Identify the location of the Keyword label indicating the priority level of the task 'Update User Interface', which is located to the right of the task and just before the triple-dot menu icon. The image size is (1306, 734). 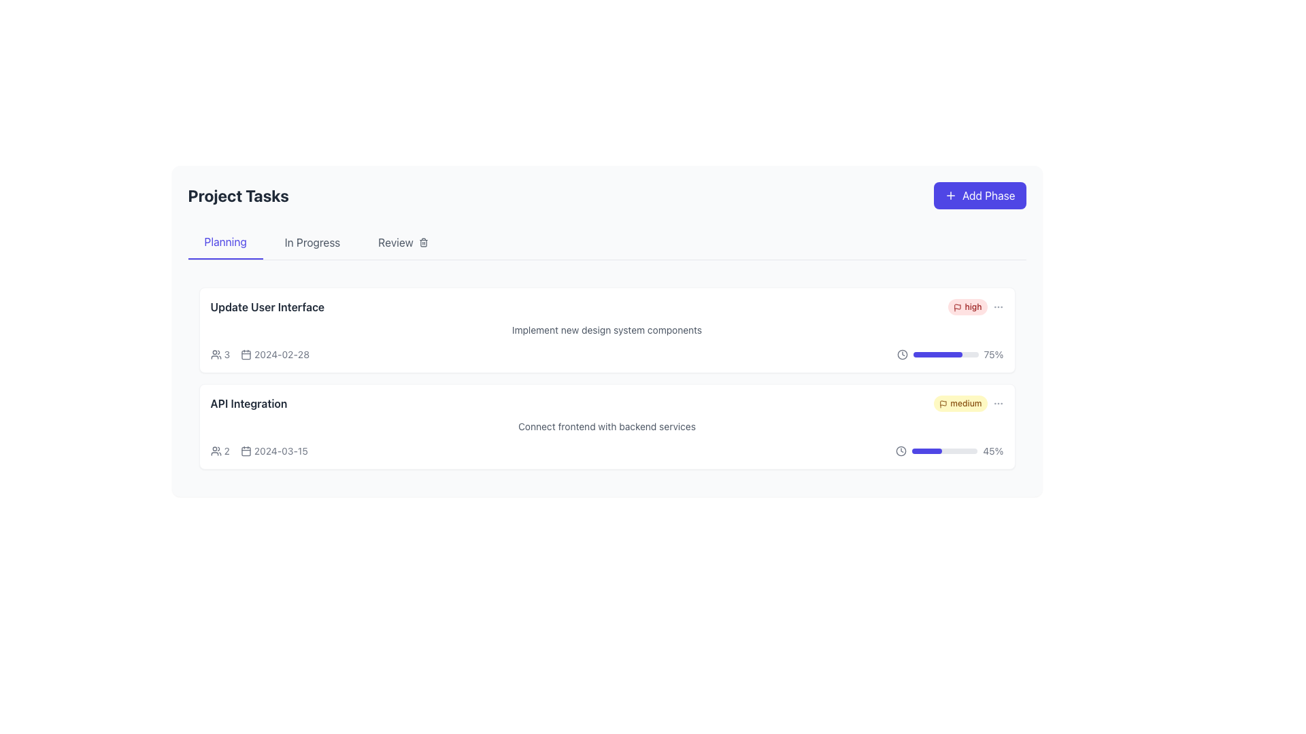
(975, 307).